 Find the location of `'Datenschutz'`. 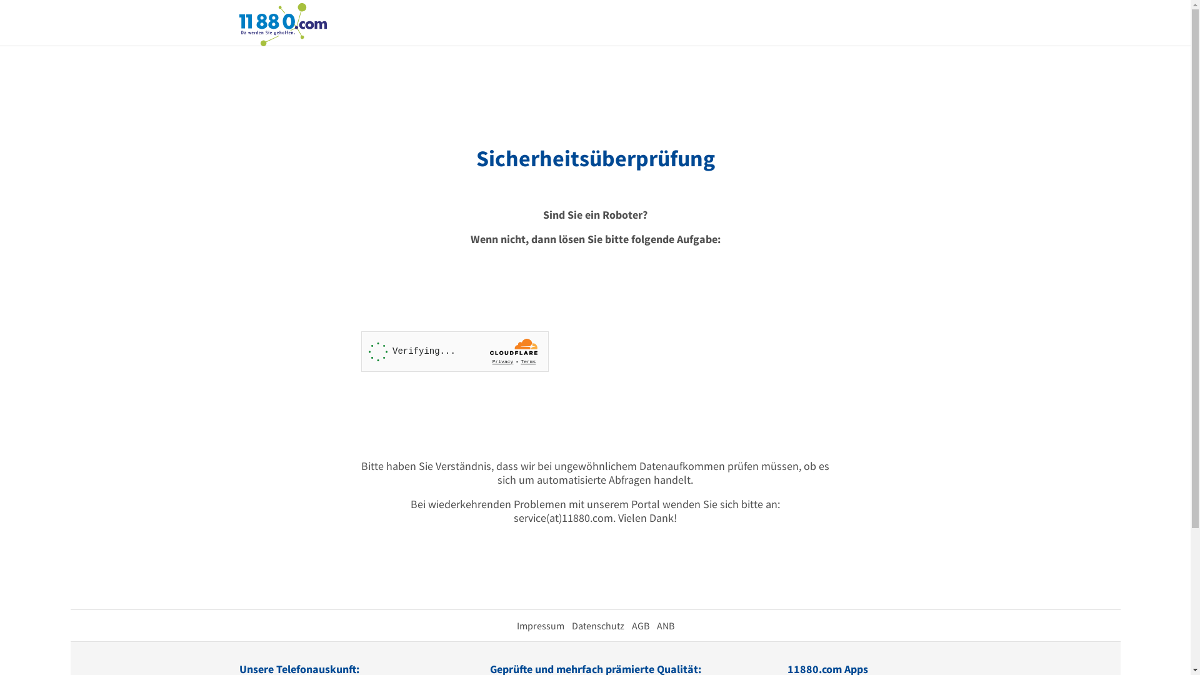

'Datenschutz' is located at coordinates (570, 626).